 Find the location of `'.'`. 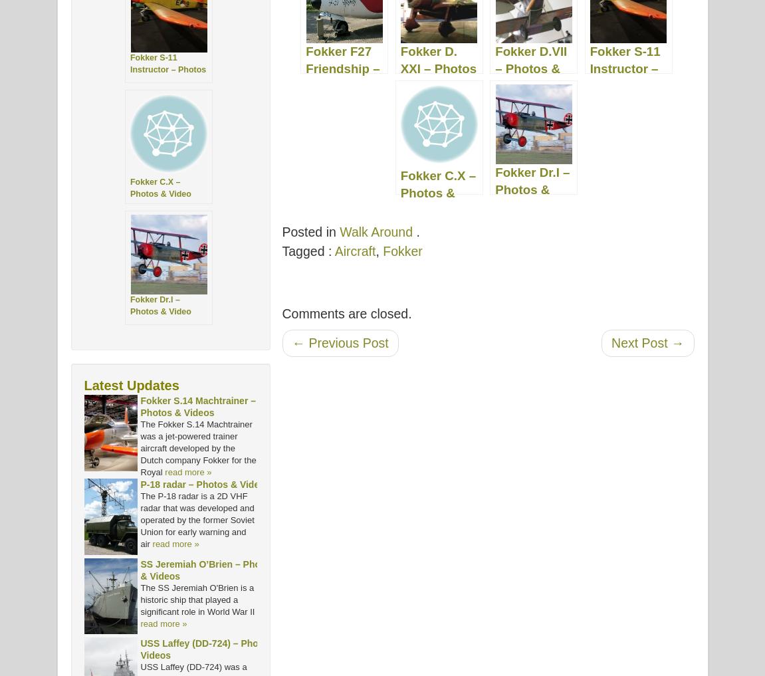

'.' is located at coordinates (416, 231).